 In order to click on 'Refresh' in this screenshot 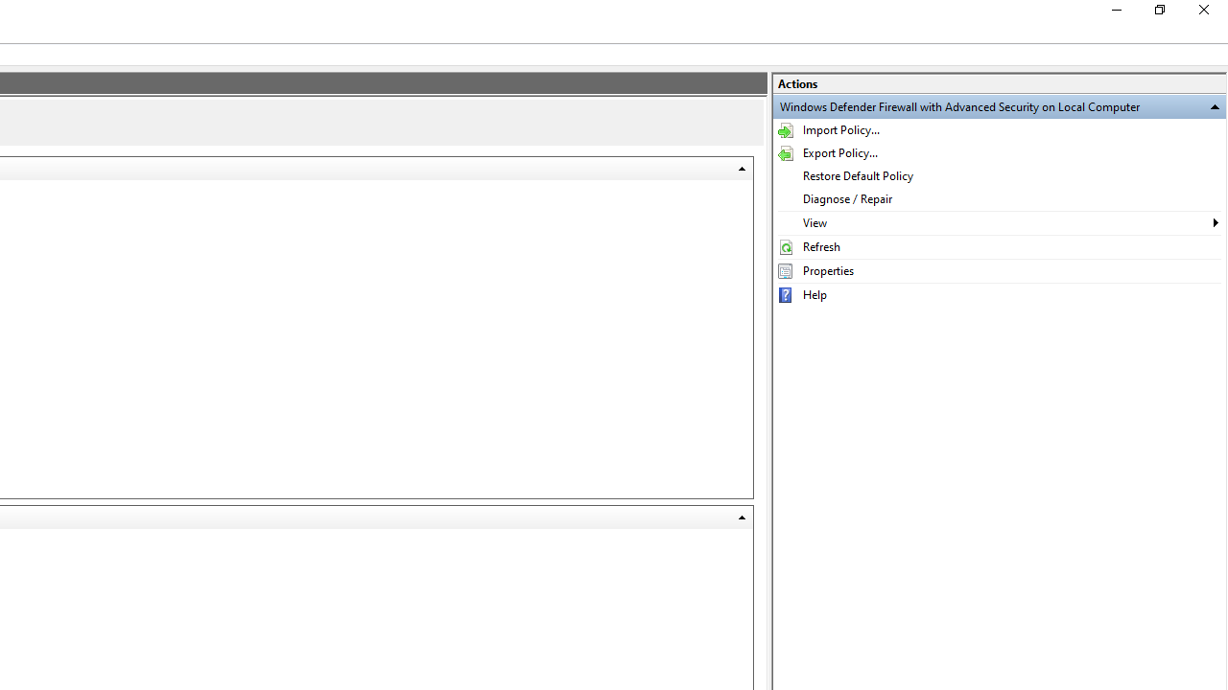, I will do `click(998, 246)`.